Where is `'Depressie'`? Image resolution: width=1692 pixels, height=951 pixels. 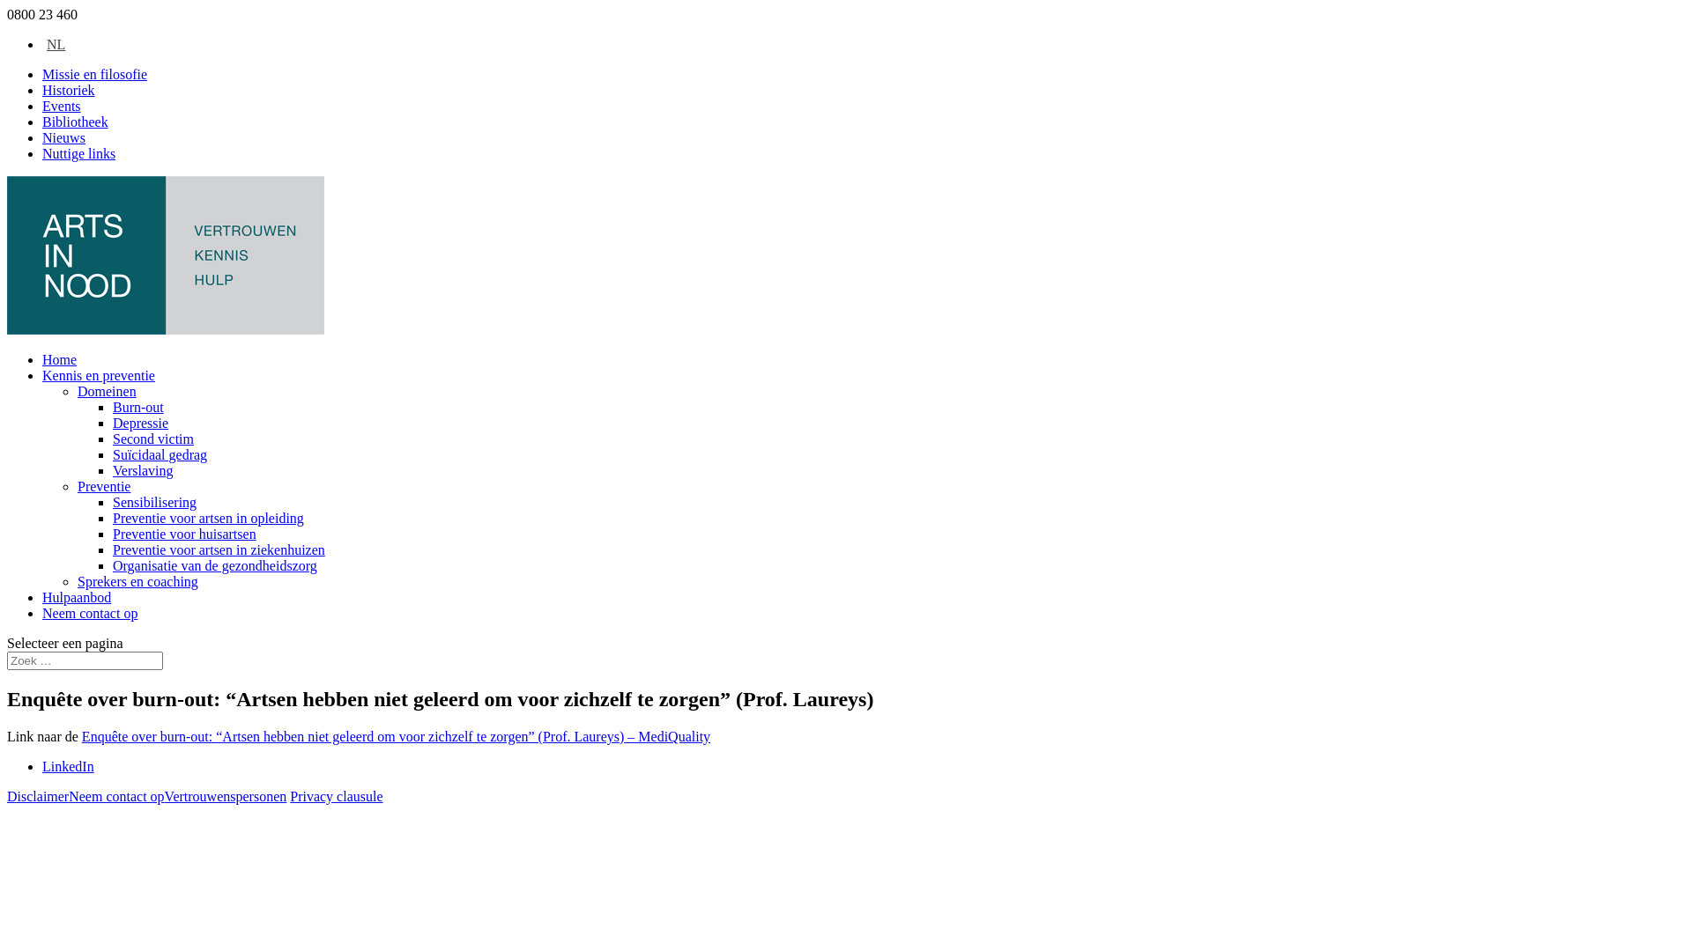
'Depressie' is located at coordinates (112, 423).